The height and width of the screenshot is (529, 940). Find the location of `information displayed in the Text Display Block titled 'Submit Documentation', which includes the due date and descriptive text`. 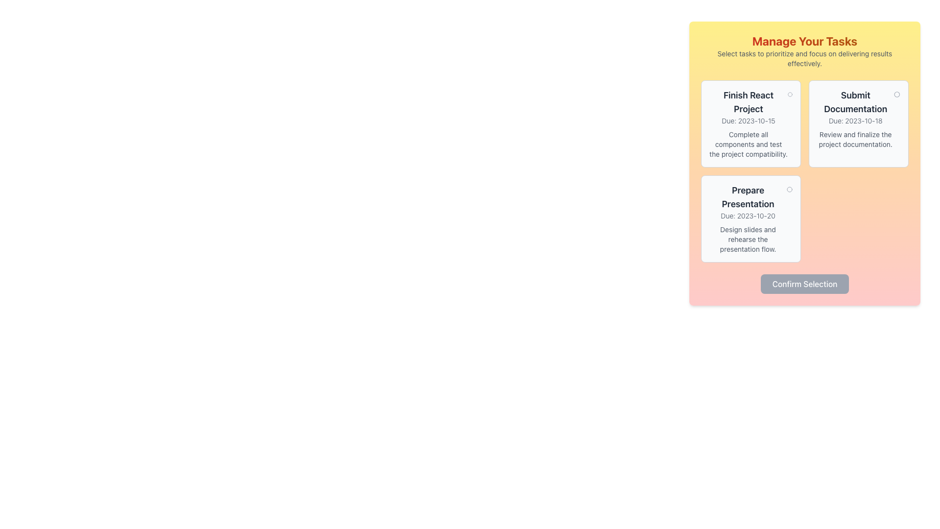

information displayed in the Text Display Block titled 'Submit Documentation', which includes the due date and descriptive text is located at coordinates (855, 119).